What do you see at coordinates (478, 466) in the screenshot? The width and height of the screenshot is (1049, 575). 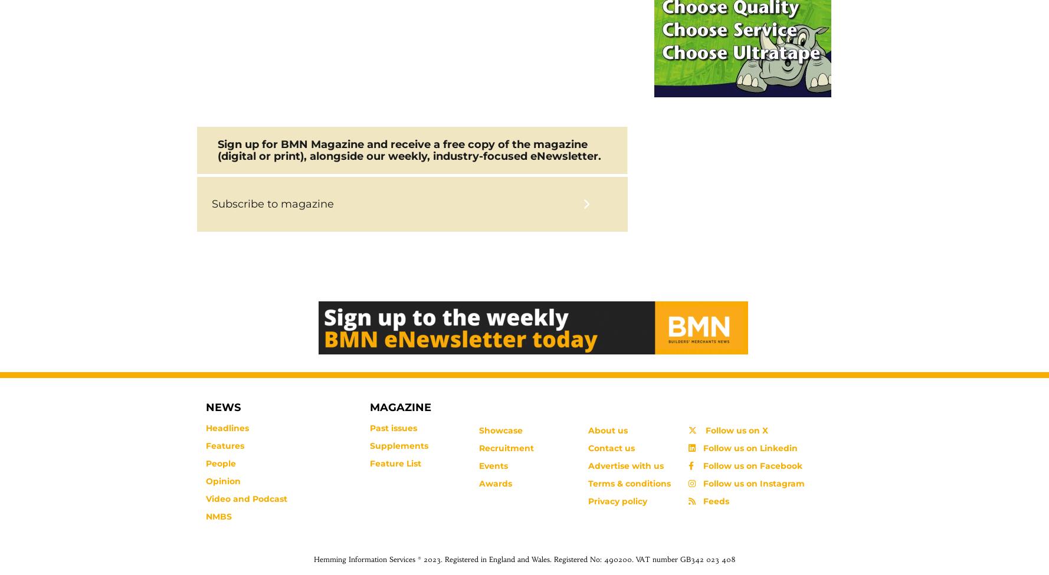 I see `'Events'` at bounding box center [478, 466].